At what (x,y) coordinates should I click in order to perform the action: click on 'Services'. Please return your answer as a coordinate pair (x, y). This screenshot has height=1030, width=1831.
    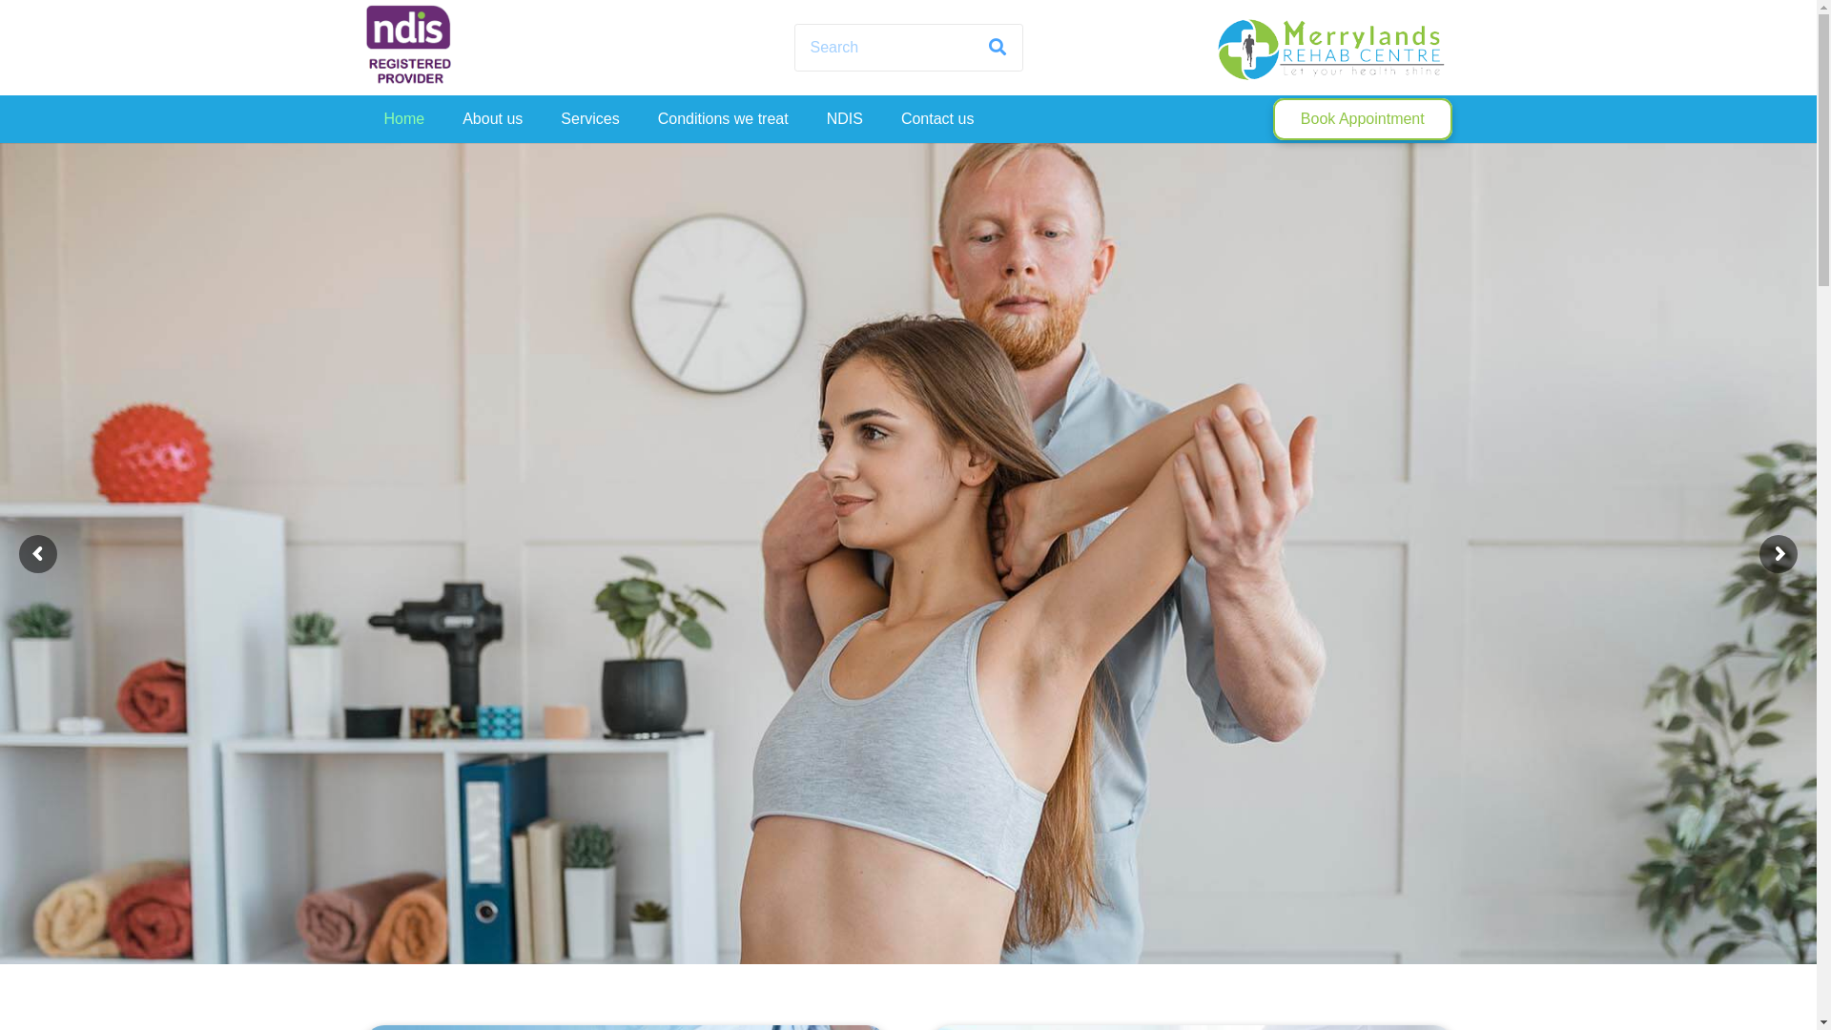
    Looking at the image, I should click on (540, 118).